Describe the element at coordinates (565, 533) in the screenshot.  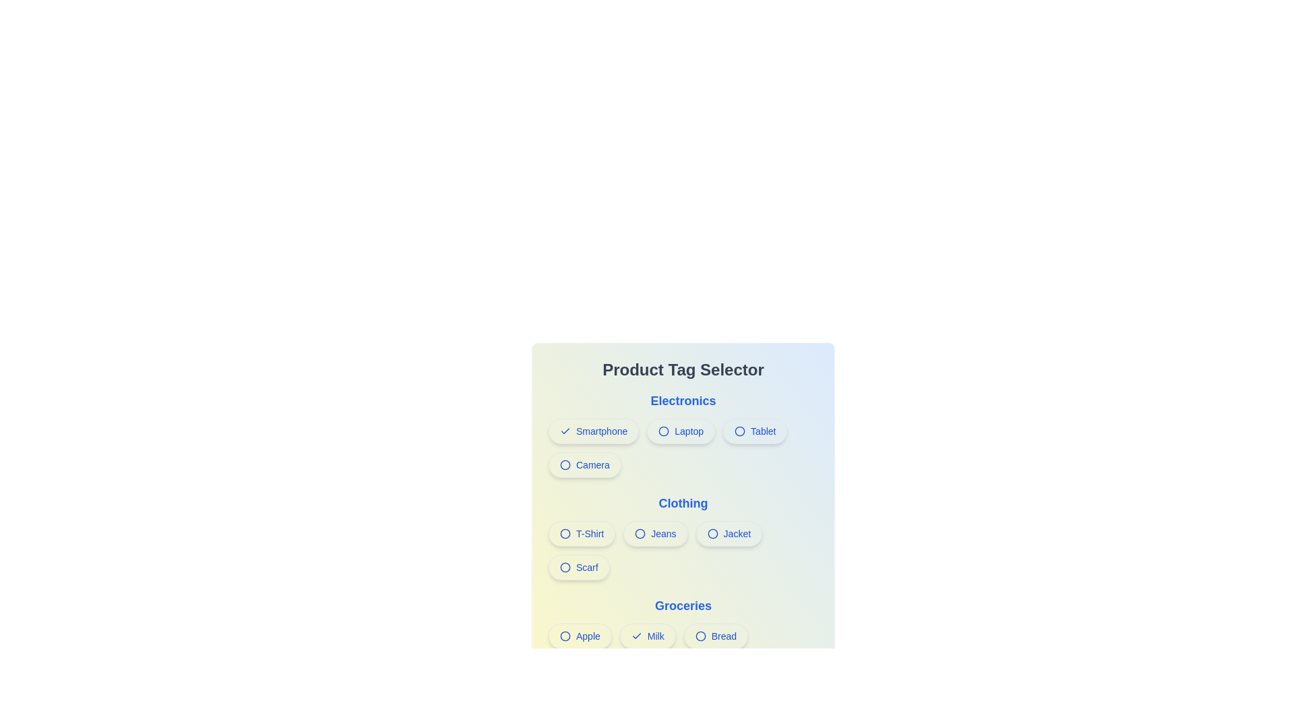
I see `the circular border icon with a thin, hollow stroke-style outline located to the left of the 'T-Shirt' tag in the 'Clothing' section` at that location.